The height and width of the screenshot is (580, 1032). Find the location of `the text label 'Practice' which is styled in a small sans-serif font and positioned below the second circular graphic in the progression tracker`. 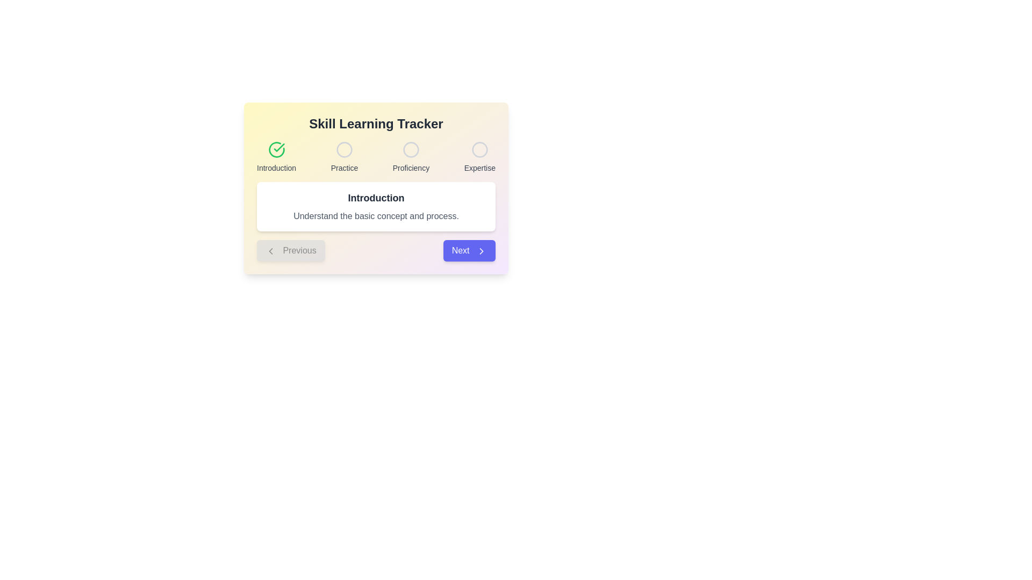

the text label 'Practice' which is styled in a small sans-serif font and positioned below the second circular graphic in the progression tracker is located at coordinates (344, 168).